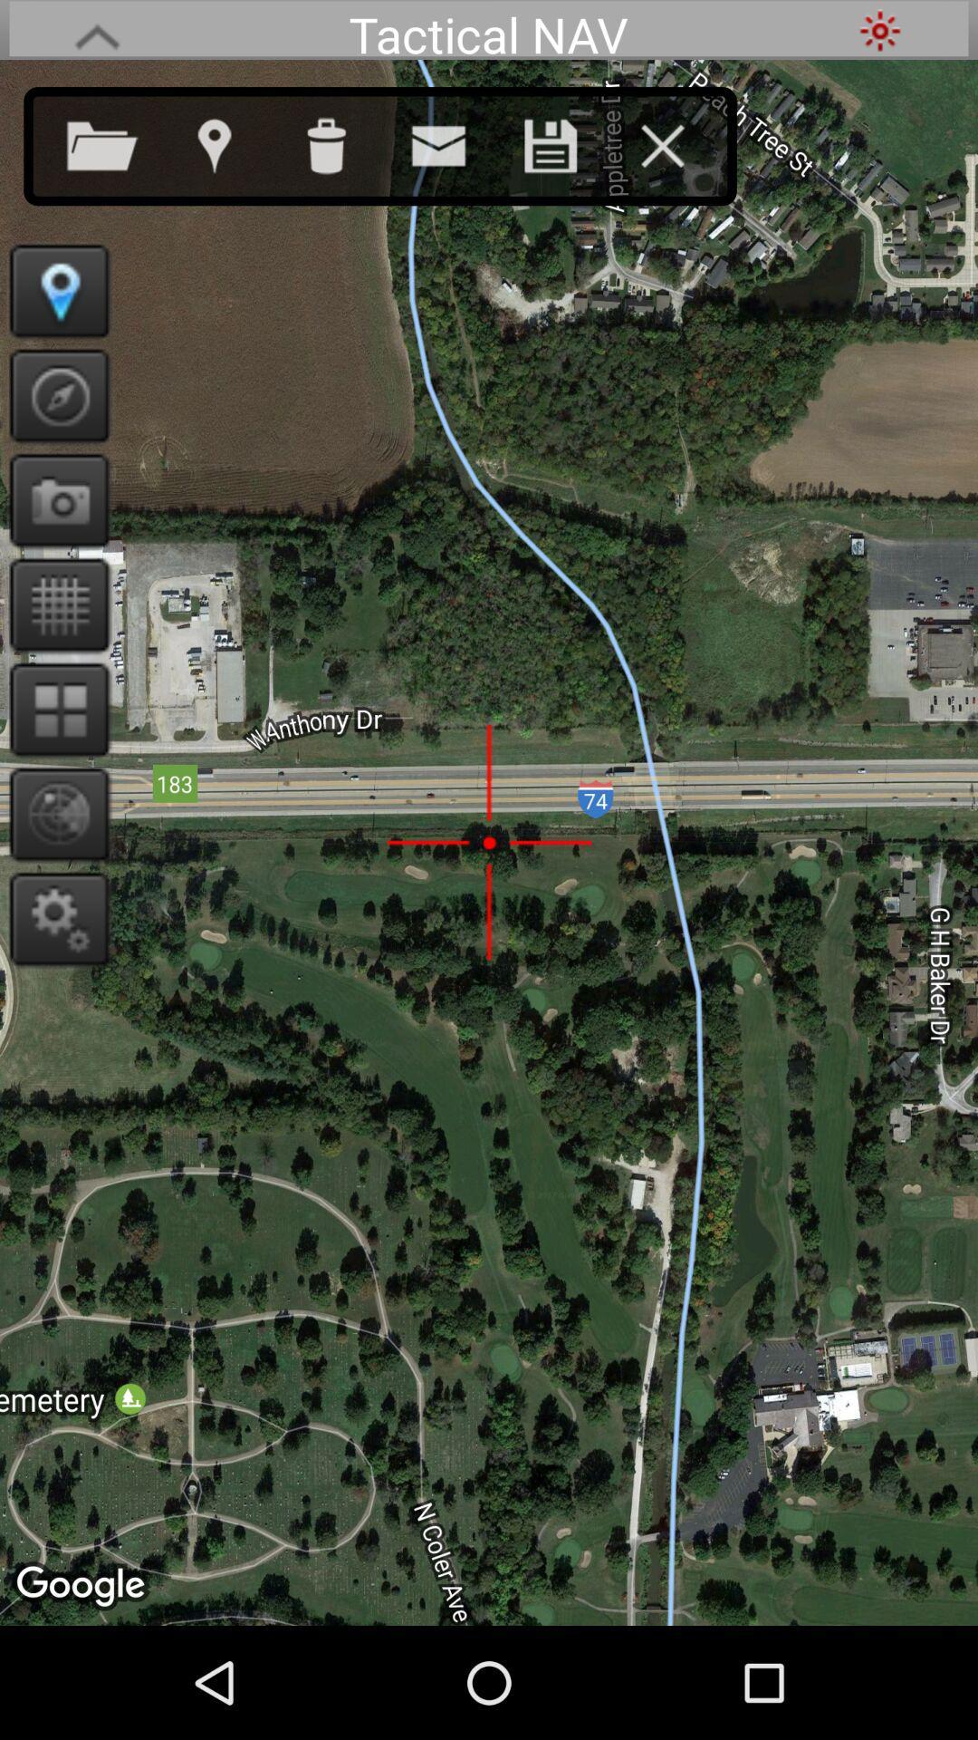 The width and height of the screenshot is (978, 1740). What do you see at coordinates (53, 422) in the screenshot?
I see `the explore icon` at bounding box center [53, 422].